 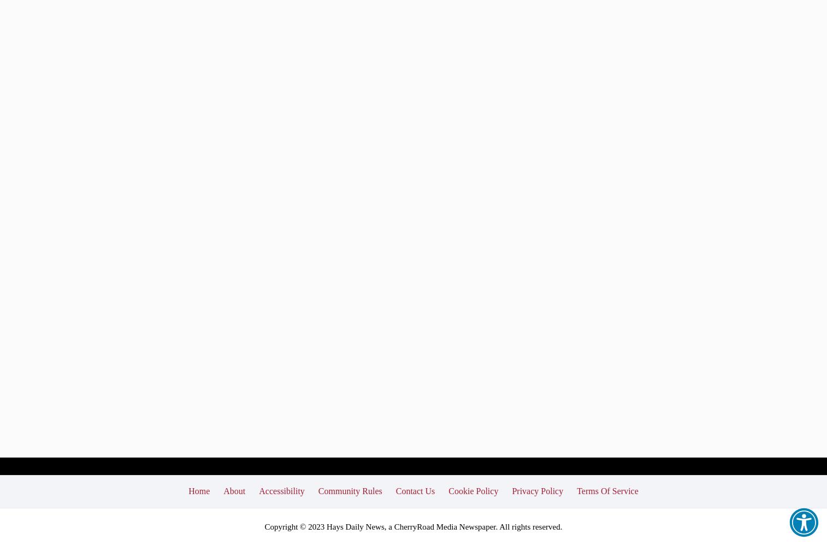 I want to click on 'Cookie Policy', so click(x=472, y=490).